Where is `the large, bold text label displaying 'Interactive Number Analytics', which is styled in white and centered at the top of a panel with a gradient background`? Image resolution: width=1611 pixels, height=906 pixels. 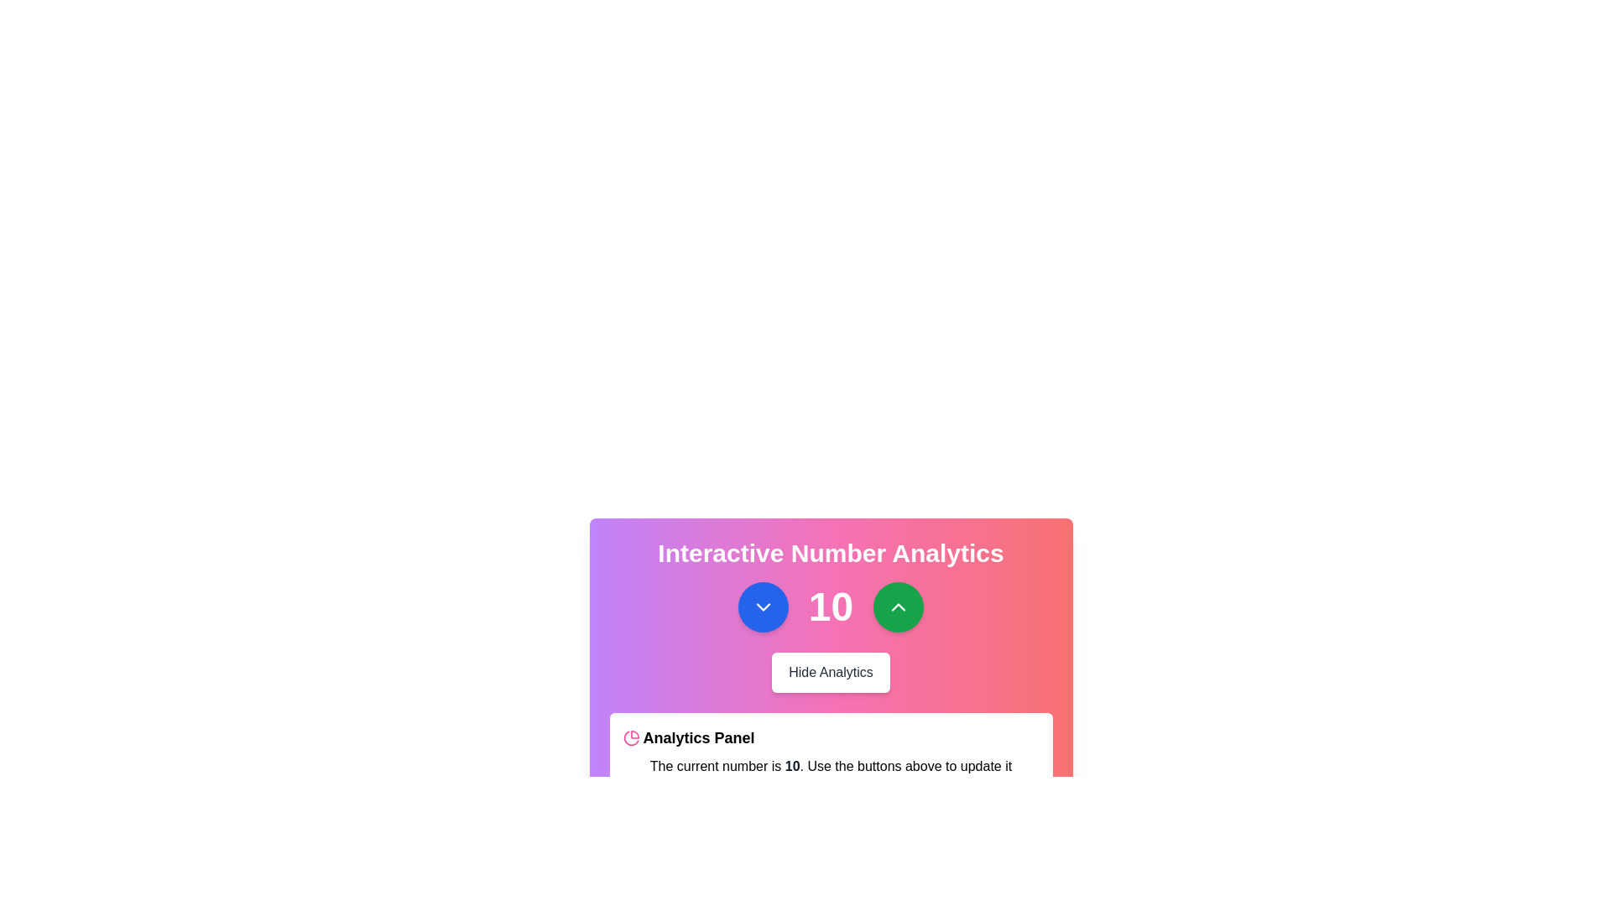 the large, bold text label displaying 'Interactive Number Analytics', which is styled in white and centered at the top of a panel with a gradient background is located at coordinates (831, 553).